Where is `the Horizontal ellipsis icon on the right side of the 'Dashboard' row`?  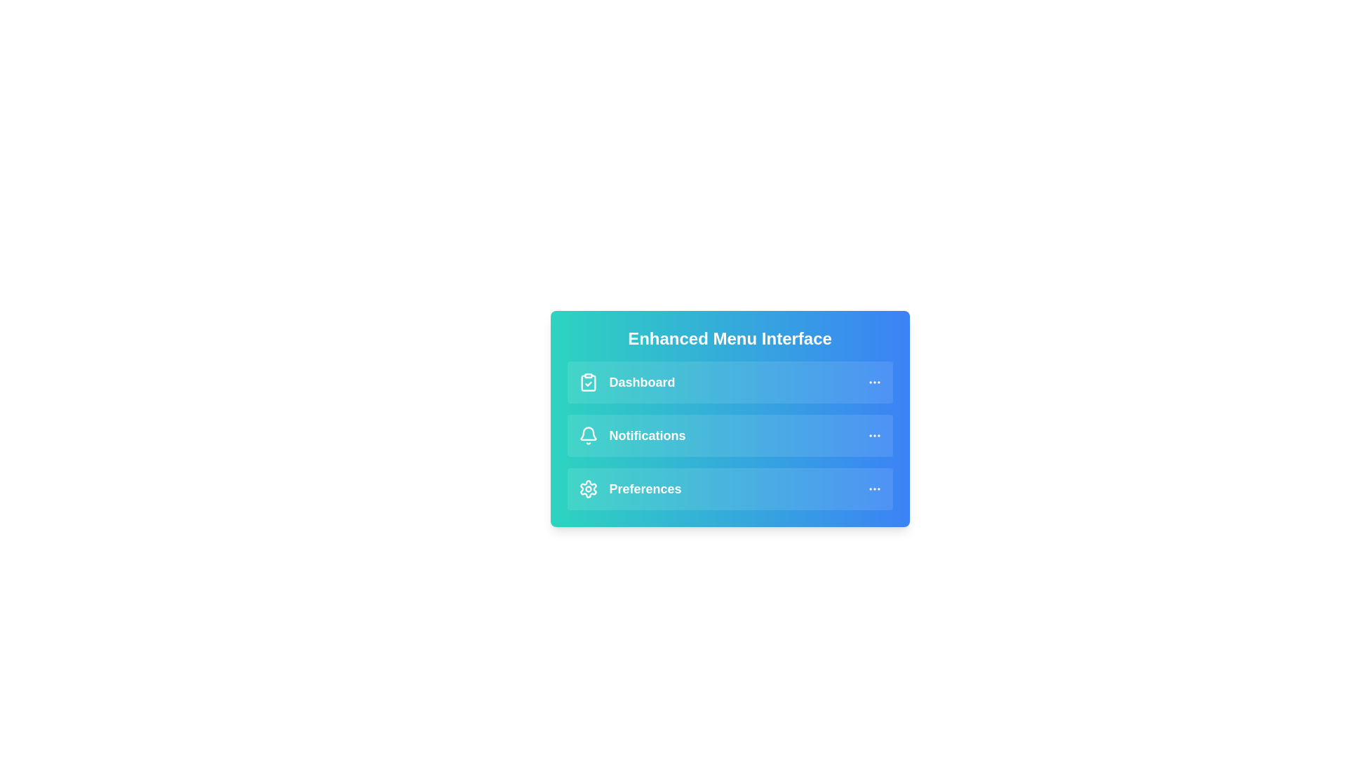 the Horizontal ellipsis icon on the right side of the 'Dashboard' row is located at coordinates (873, 382).